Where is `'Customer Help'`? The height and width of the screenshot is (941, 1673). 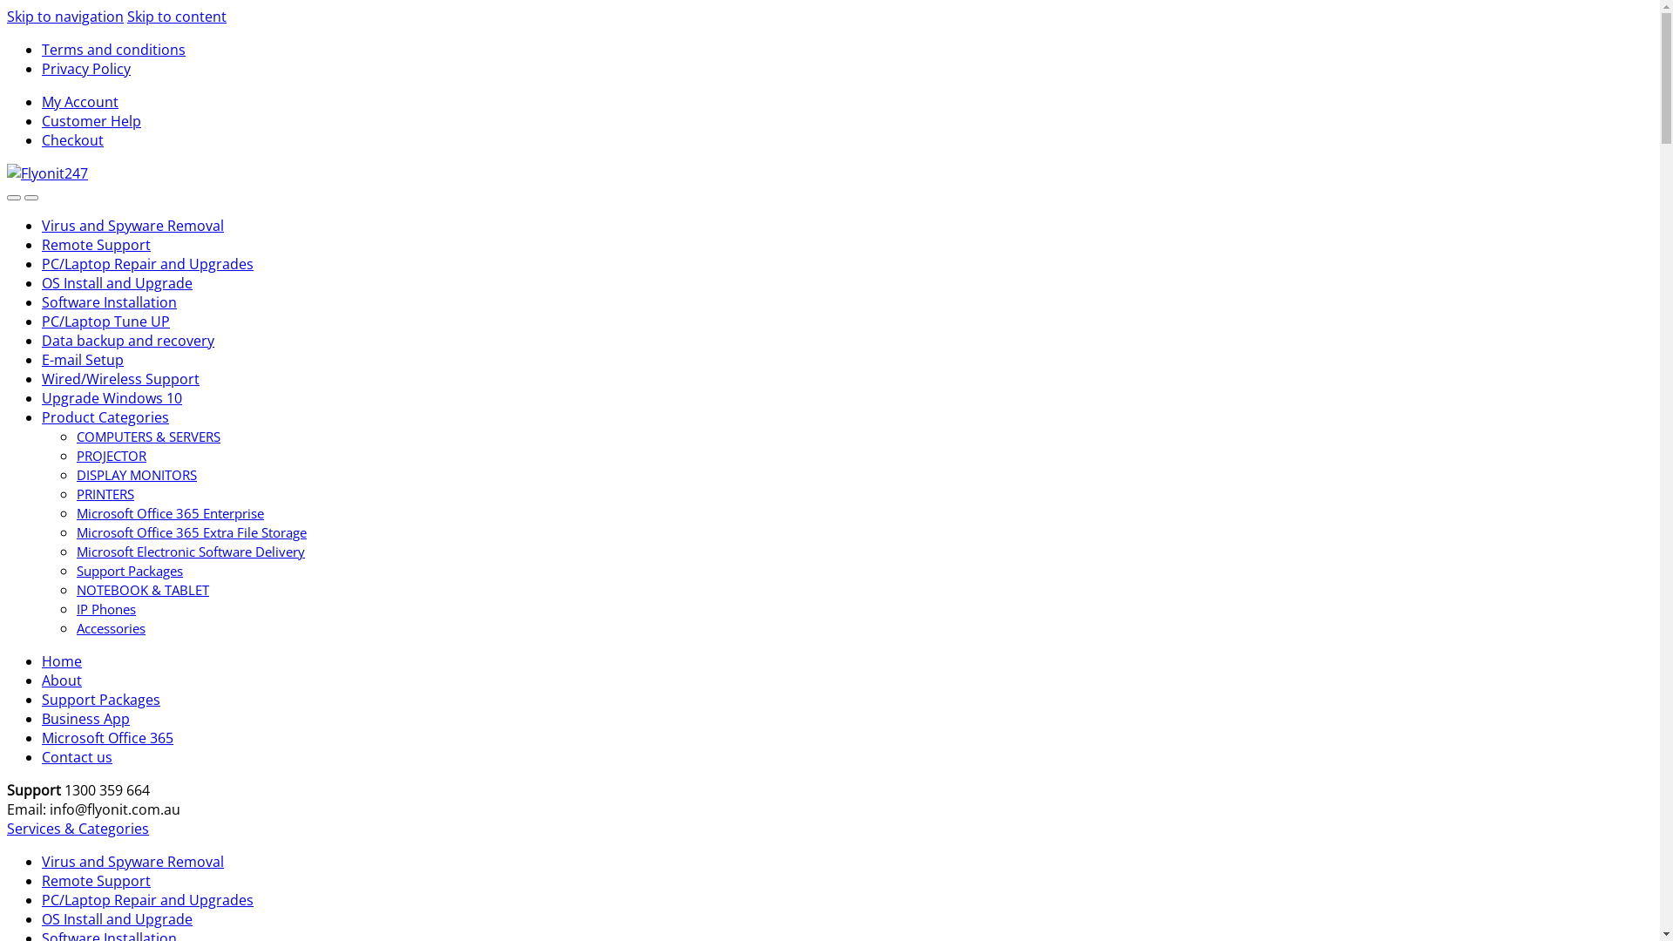 'Customer Help' is located at coordinates (42, 119).